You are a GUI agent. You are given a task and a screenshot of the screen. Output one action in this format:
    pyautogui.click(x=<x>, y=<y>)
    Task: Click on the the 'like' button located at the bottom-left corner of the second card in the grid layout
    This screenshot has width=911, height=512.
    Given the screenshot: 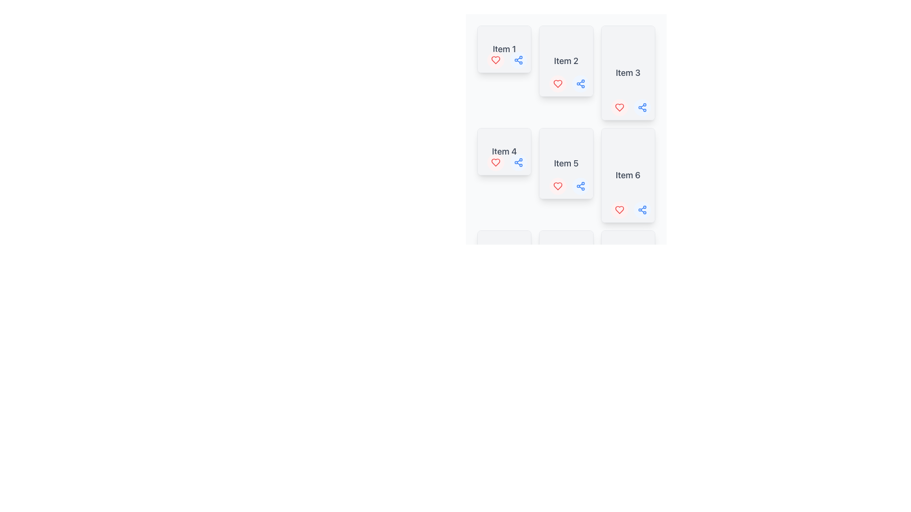 What is the action you would take?
    pyautogui.click(x=558, y=83)
    